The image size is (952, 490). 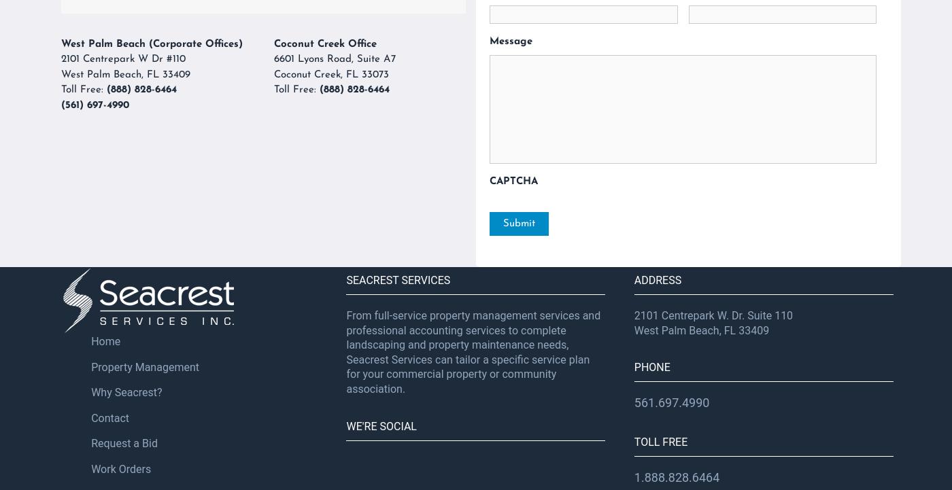 What do you see at coordinates (120, 468) in the screenshot?
I see `'Work Orders'` at bounding box center [120, 468].